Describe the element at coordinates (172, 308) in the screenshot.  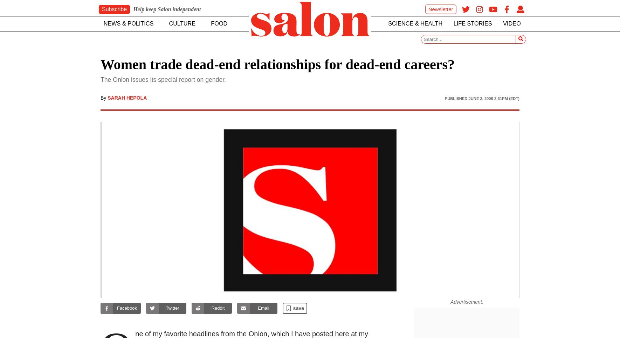
I see `'Twitter'` at that location.